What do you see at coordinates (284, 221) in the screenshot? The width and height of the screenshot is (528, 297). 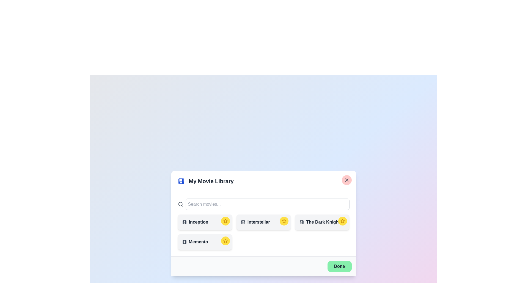 I see `the star icon with a yellow fill that is located to the right of the 'Interstellar' label in the movie list` at bounding box center [284, 221].